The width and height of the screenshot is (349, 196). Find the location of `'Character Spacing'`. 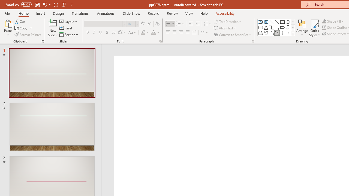

'Character Spacing' is located at coordinates (122, 32).